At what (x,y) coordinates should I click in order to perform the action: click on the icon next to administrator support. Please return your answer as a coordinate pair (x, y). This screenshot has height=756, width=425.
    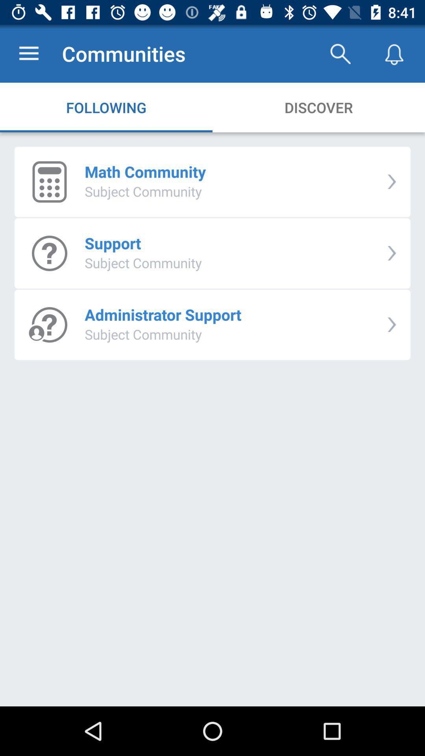
    Looking at the image, I should click on (392, 324).